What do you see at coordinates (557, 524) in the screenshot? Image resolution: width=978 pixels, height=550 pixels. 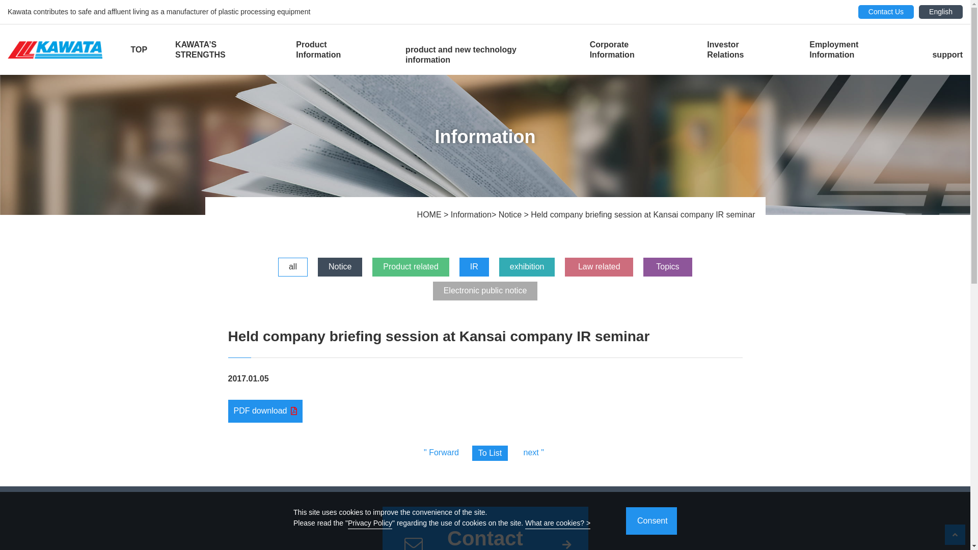 I see `'What are cookies? >'` at bounding box center [557, 524].